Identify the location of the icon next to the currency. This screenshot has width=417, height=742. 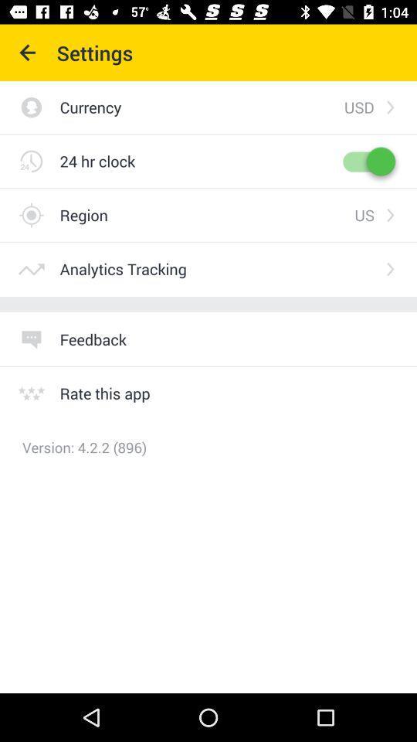
(359, 106).